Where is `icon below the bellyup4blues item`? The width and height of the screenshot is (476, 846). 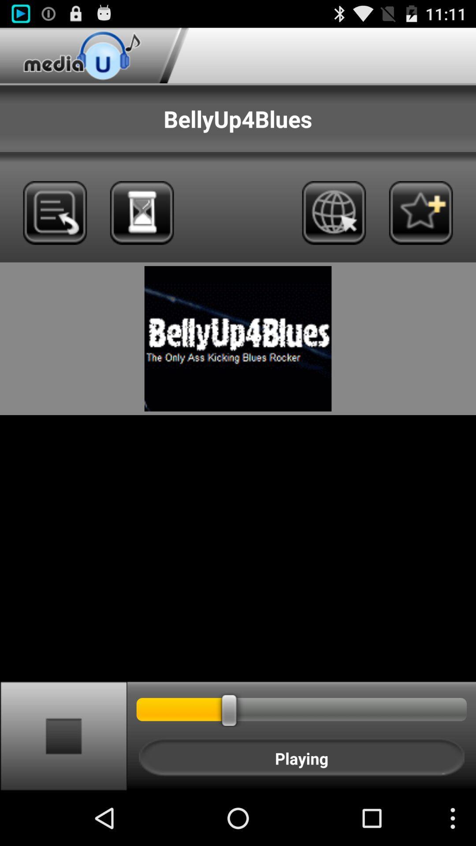 icon below the bellyup4blues item is located at coordinates (334, 213).